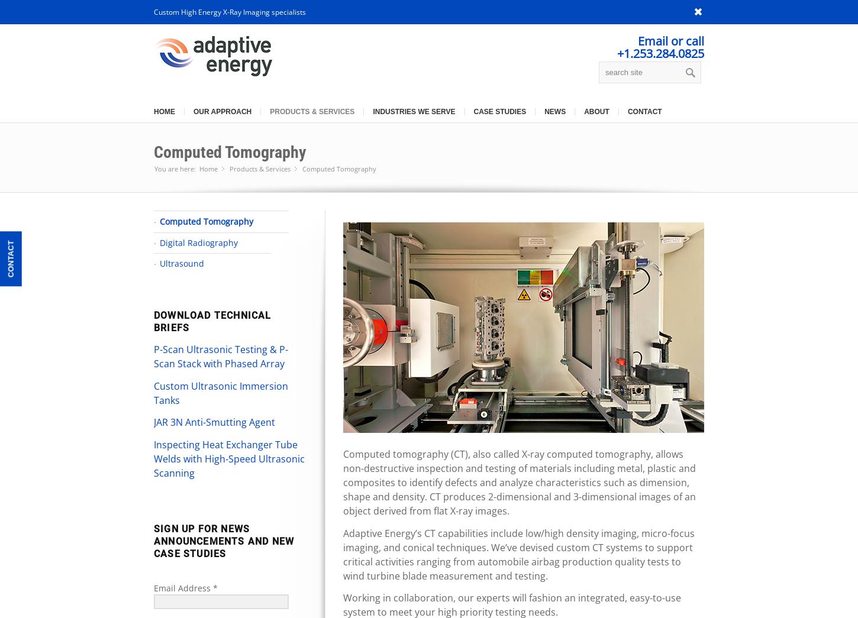 The image size is (858, 618). What do you see at coordinates (228, 458) in the screenshot?
I see `'Inspecting Heat Exchanger Tube Welds with High-Speed Ultrasonic Scanning'` at bounding box center [228, 458].